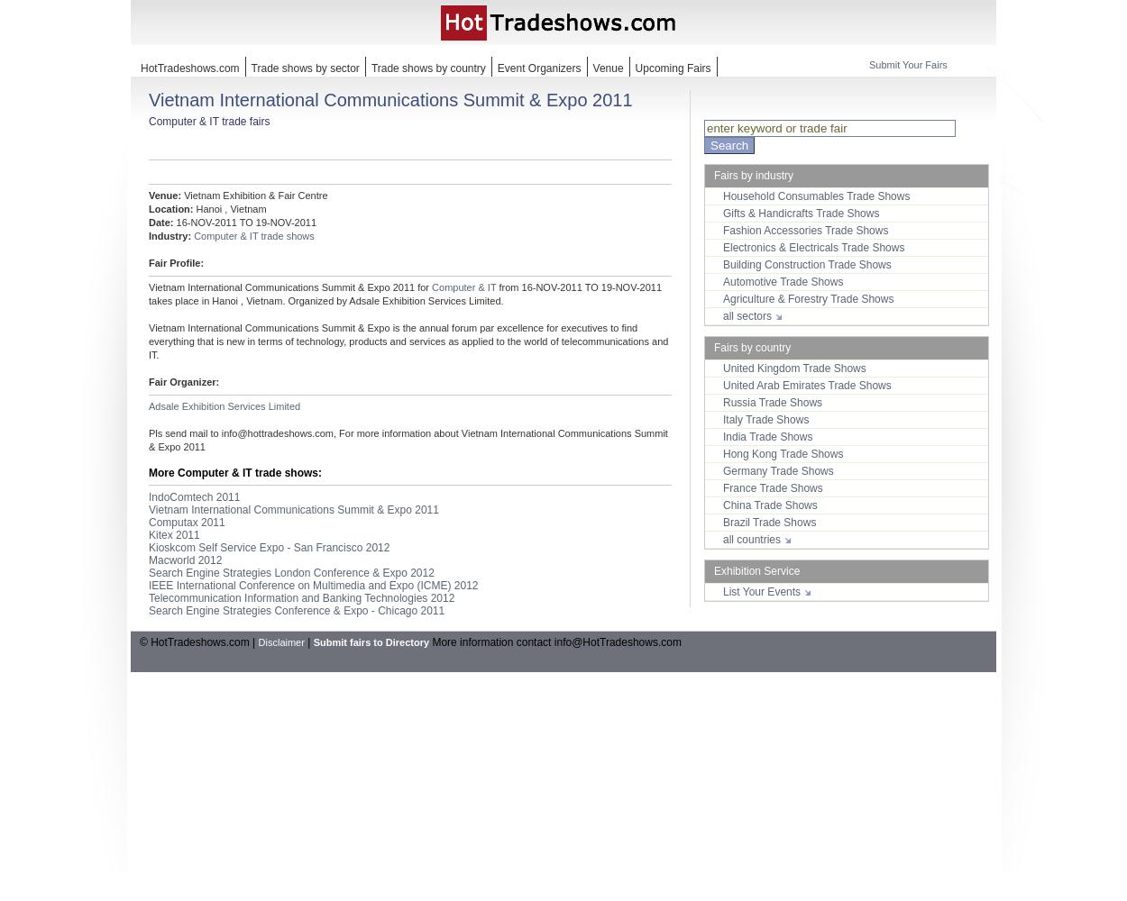 This screenshot has width=1127, height=901. What do you see at coordinates (183, 382) in the screenshot?
I see `'Fair Organizer:'` at bounding box center [183, 382].